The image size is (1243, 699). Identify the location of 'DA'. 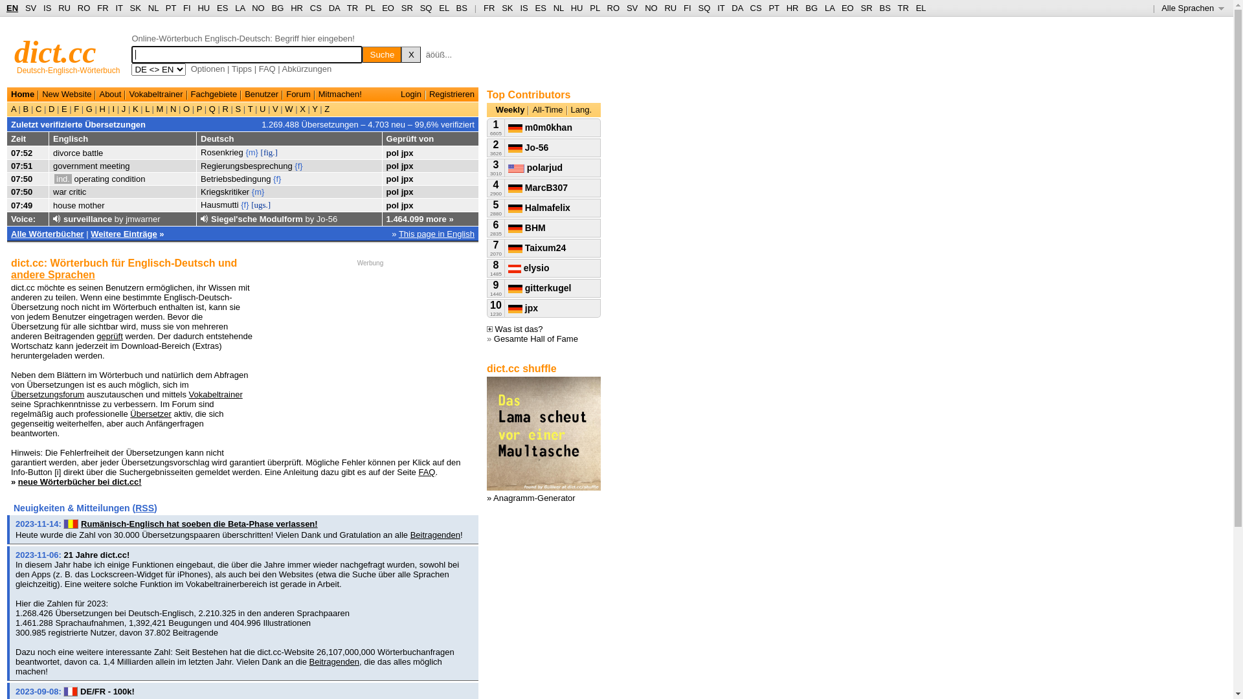
(334, 8).